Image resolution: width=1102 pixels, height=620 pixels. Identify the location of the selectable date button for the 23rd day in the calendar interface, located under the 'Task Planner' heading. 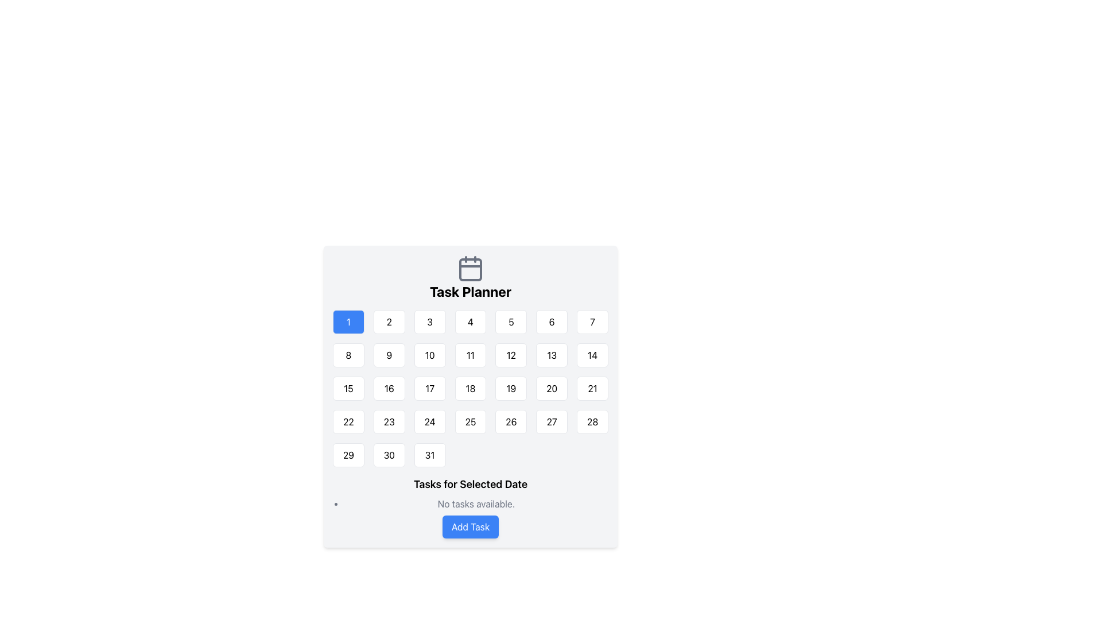
(389, 422).